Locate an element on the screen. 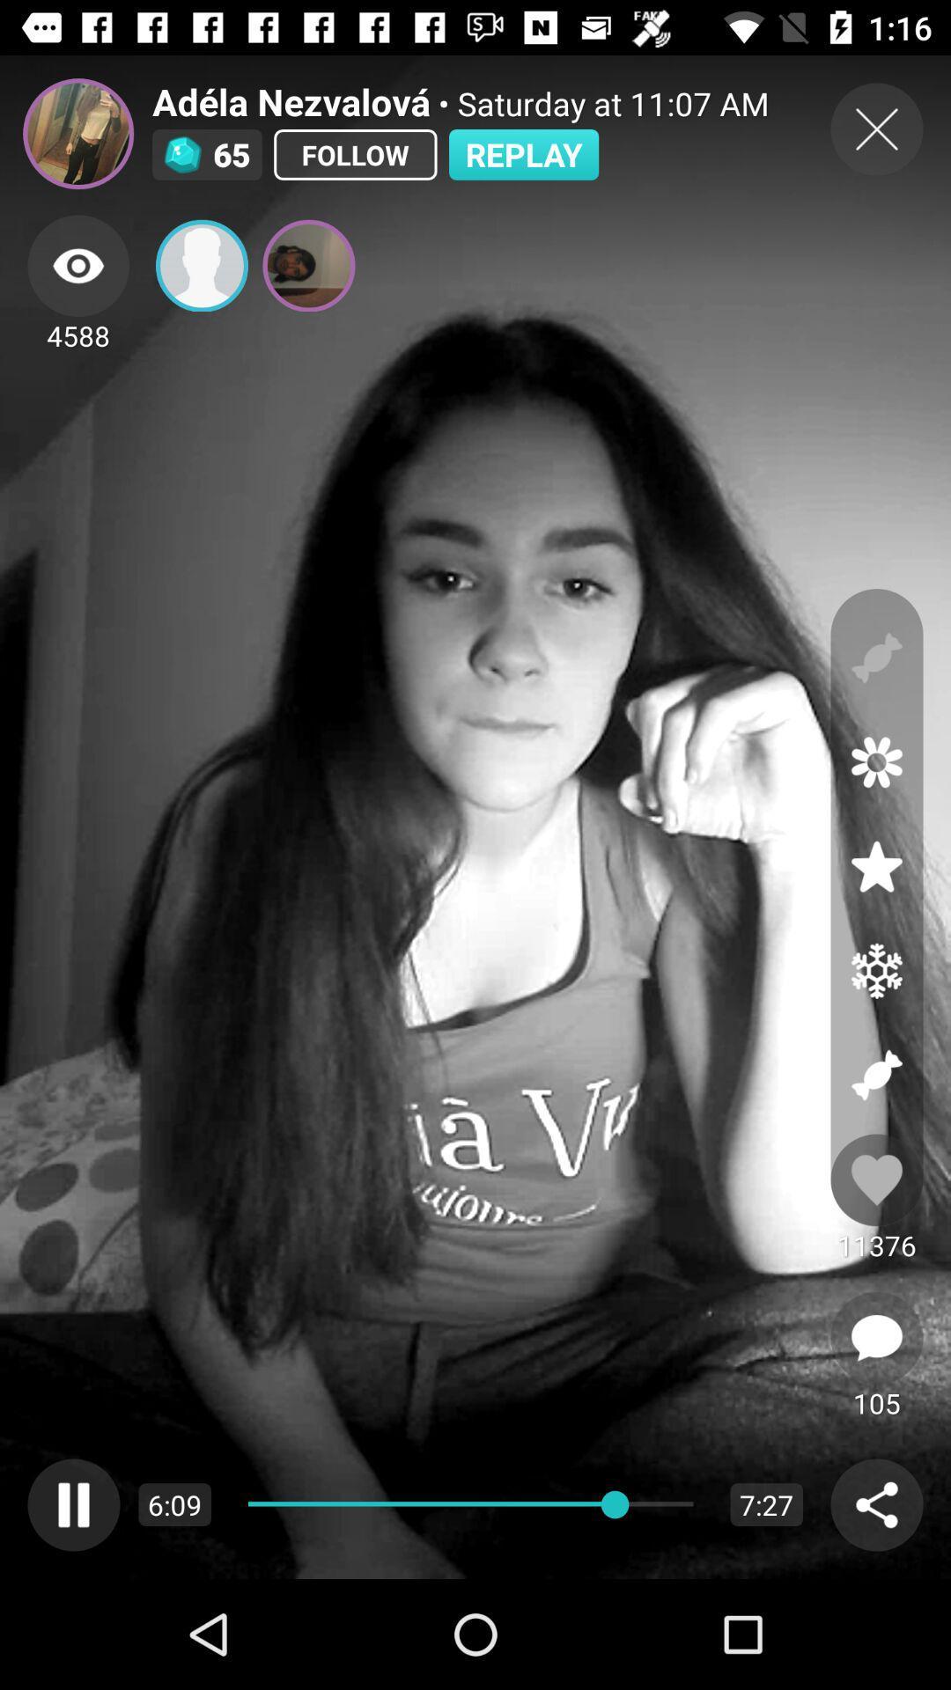 This screenshot has width=951, height=1690. the settings icon is located at coordinates (876, 970).